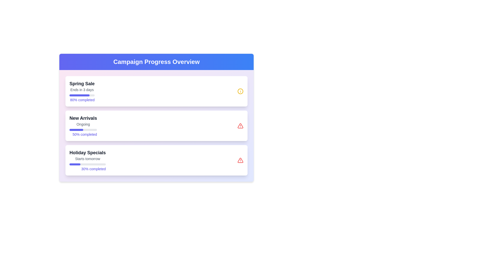 This screenshot has width=487, height=274. I want to click on the 'Ongoing' status text label indicating the current status of the 'New Arrivals' item, which is positioned below the heading and above the progress bar, so click(83, 124).